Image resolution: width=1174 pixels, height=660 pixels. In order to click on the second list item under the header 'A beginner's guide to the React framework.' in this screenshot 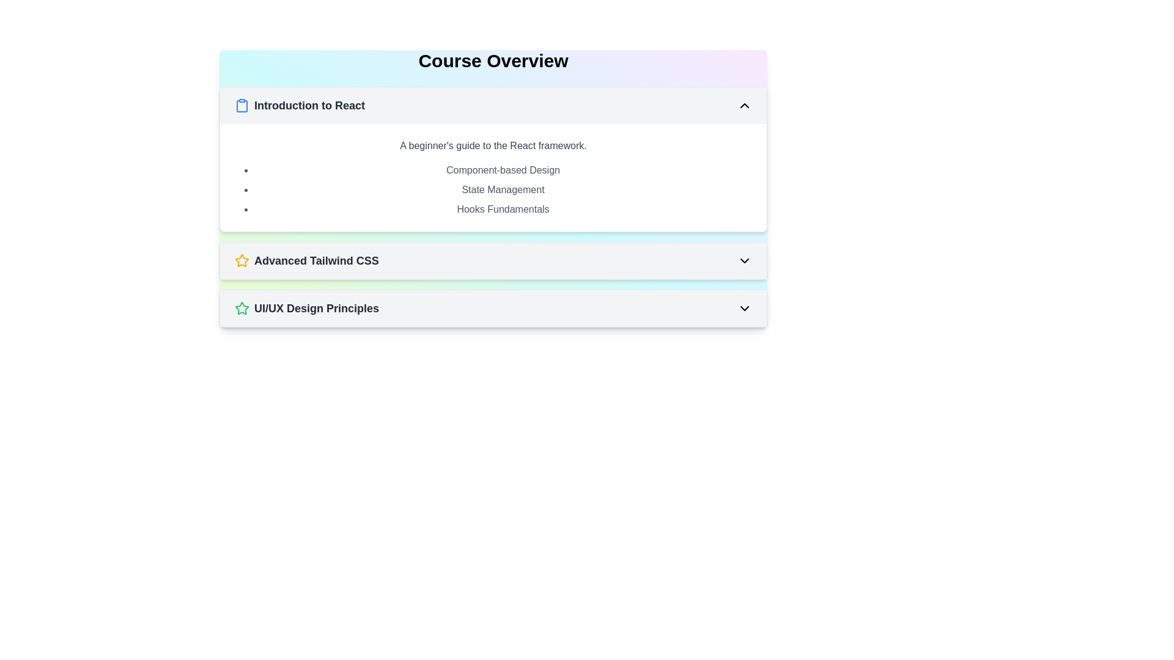, I will do `click(493, 190)`.